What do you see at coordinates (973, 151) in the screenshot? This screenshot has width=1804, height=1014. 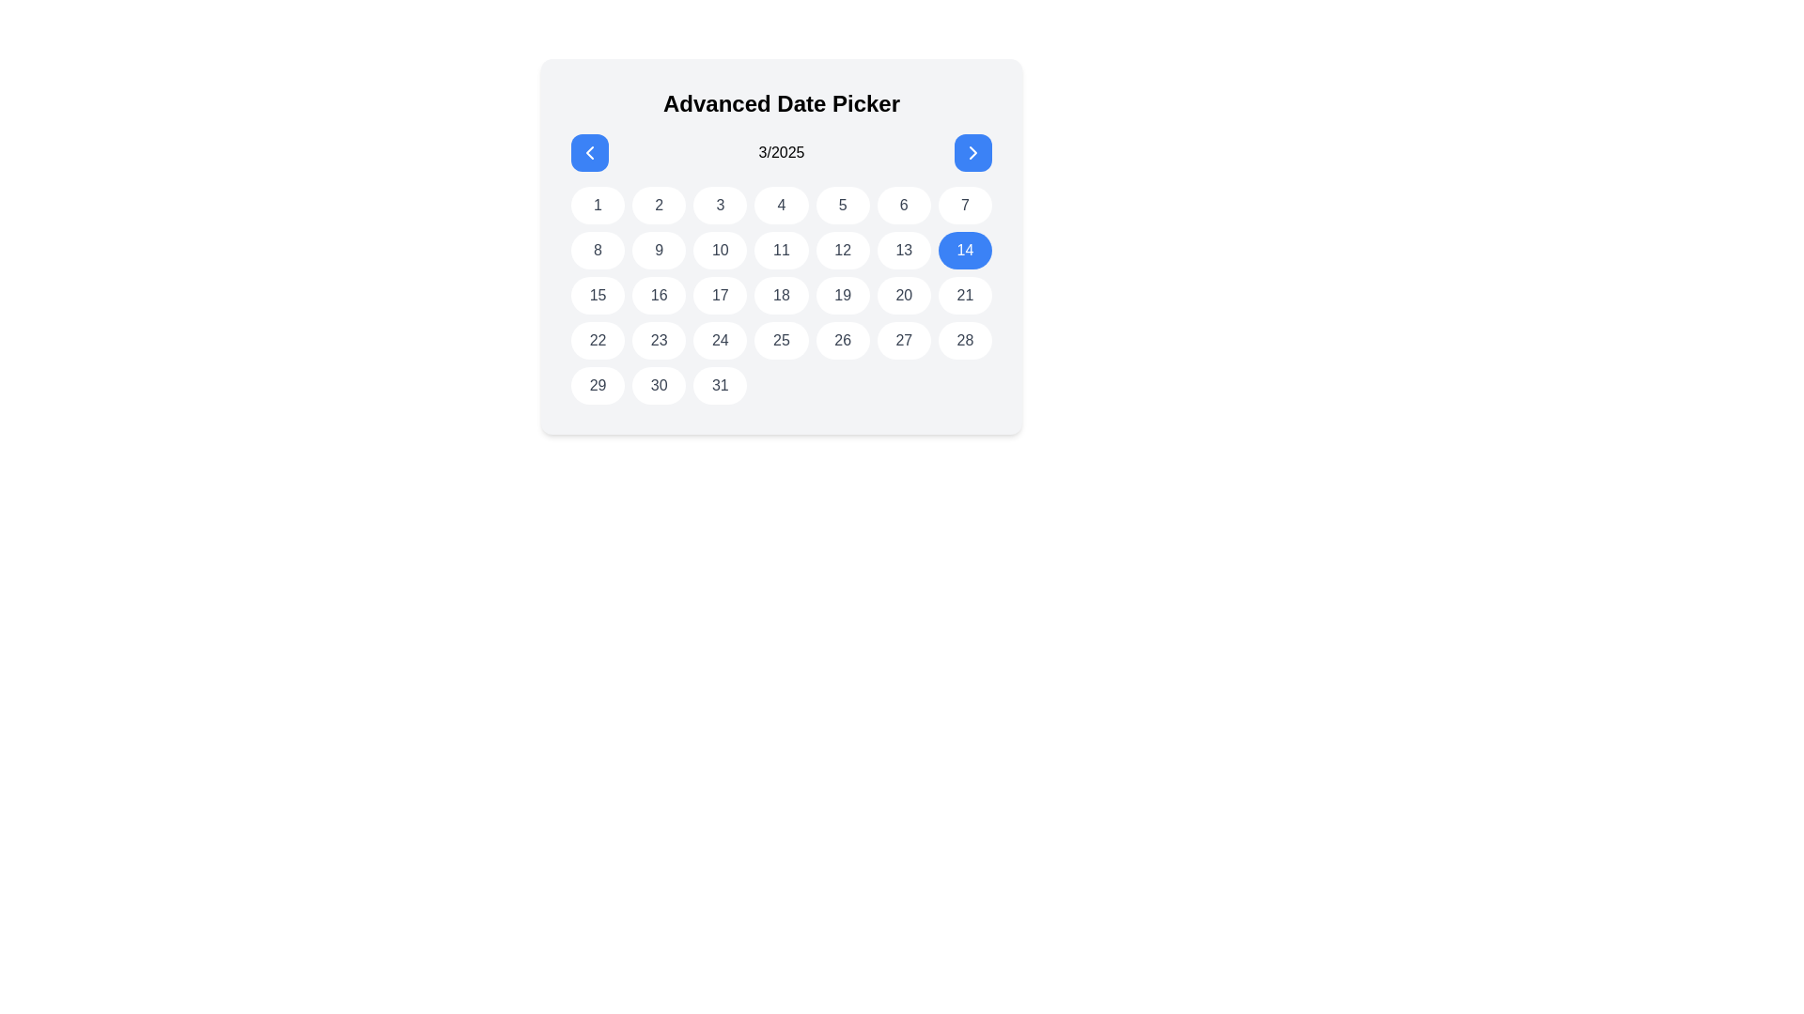 I see `the right-pointing chevron icon styled in white on a blue circular background located within the square blue button at the top-right corner of the calendar interface` at bounding box center [973, 151].